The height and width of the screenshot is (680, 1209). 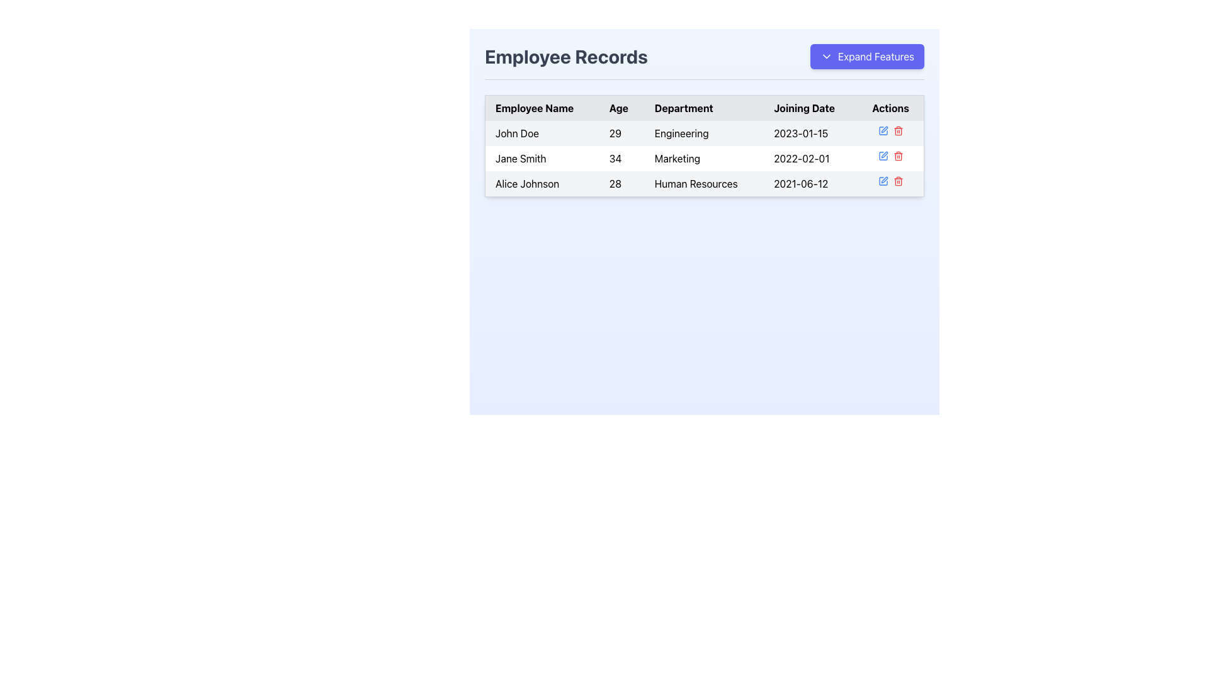 I want to click on the 'Actions' text label located in the last column of the header row of the interactive data table, so click(x=890, y=107).